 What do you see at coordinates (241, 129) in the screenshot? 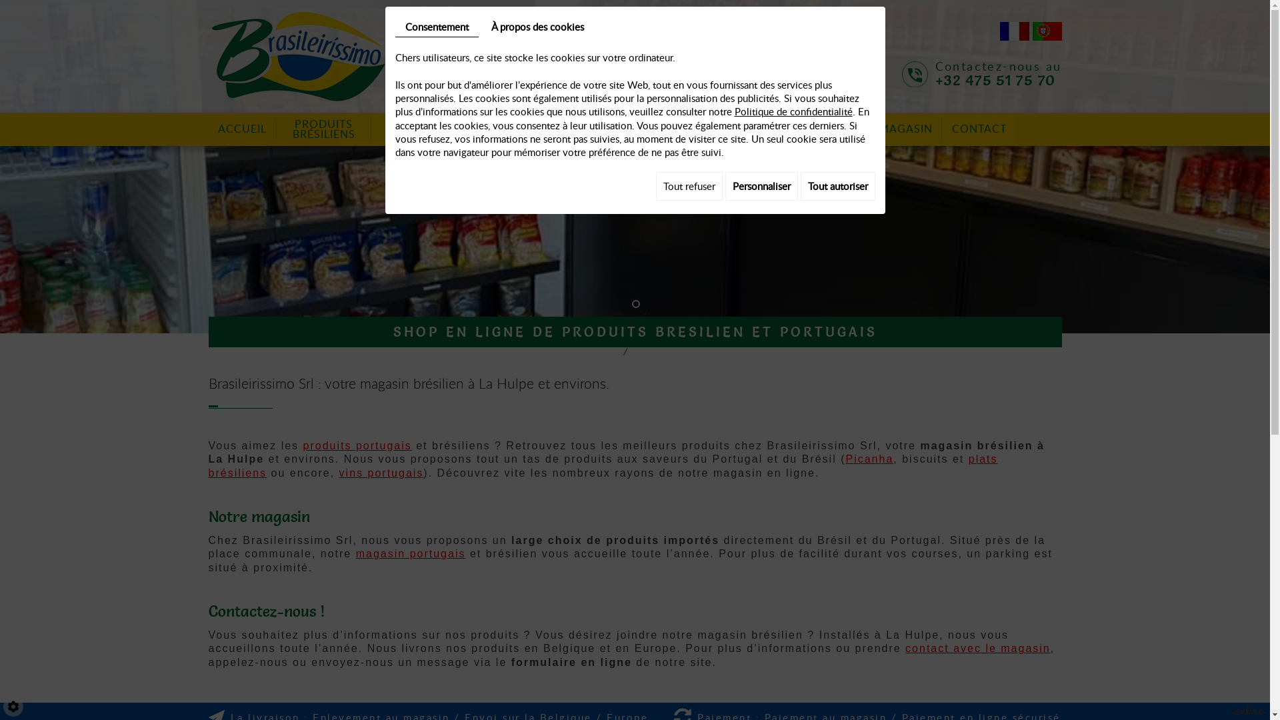
I see `'ACCUEIL'` at bounding box center [241, 129].